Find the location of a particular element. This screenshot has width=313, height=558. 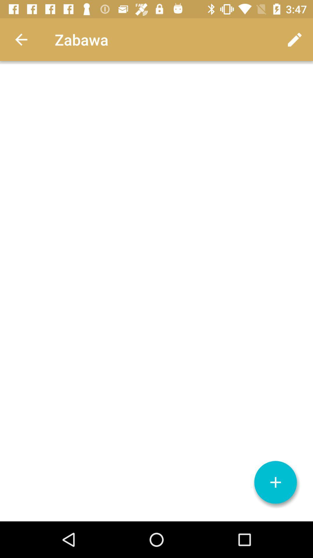

the add icon is located at coordinates (275, 482).